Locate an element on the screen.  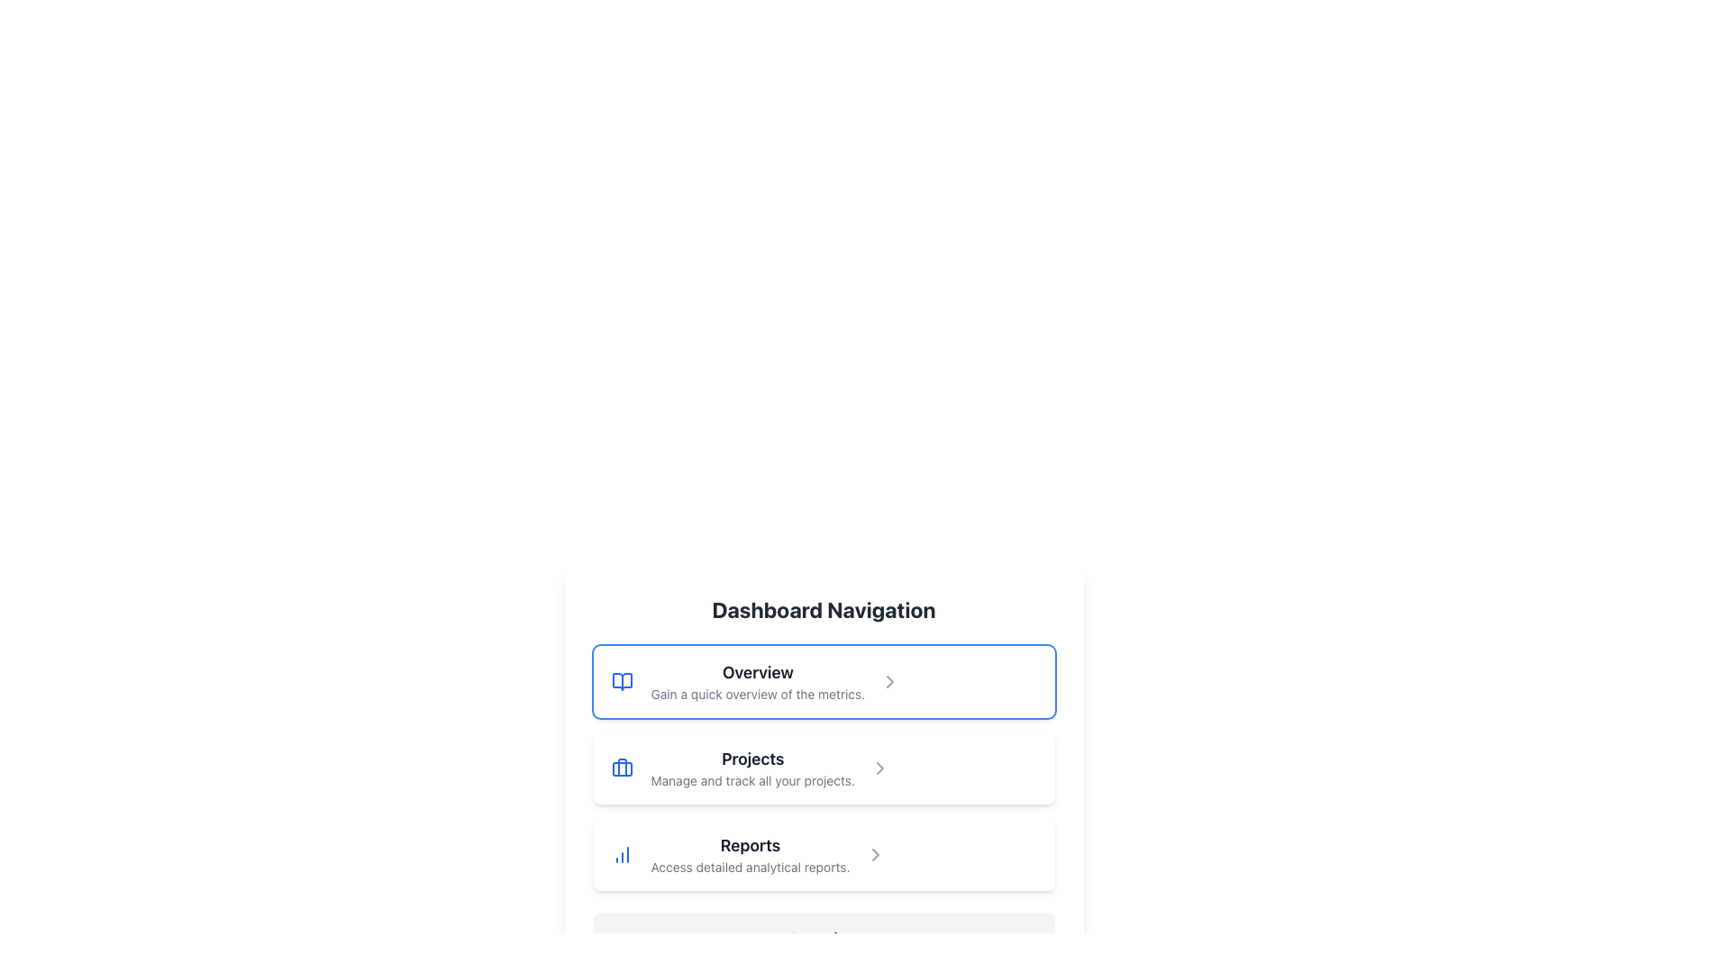
the descriptive text label for the 'Reports' section, which provides additional information about this item in the navigation panel is located at coordinates (751, 867).